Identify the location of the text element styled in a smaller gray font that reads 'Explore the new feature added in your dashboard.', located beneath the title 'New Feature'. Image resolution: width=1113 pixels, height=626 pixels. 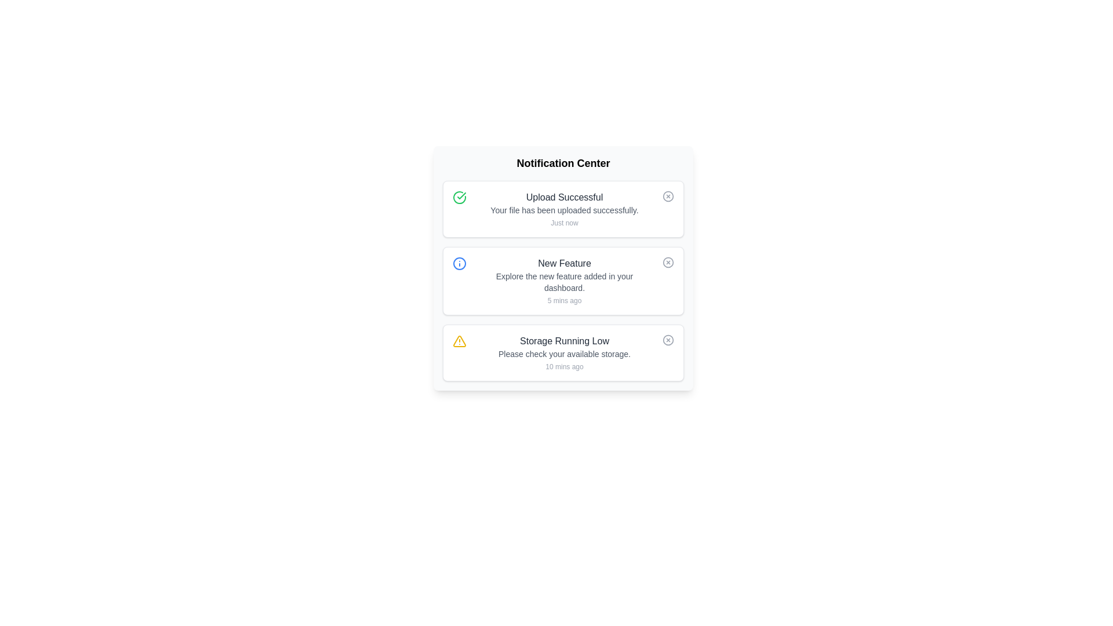
(565, 282).